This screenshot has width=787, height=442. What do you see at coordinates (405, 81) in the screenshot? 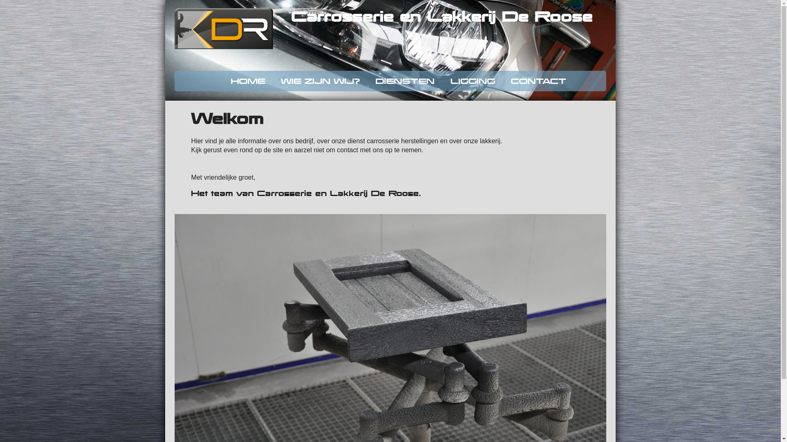
I see `'DIENSTEN'` at bounding box center [405, 81].